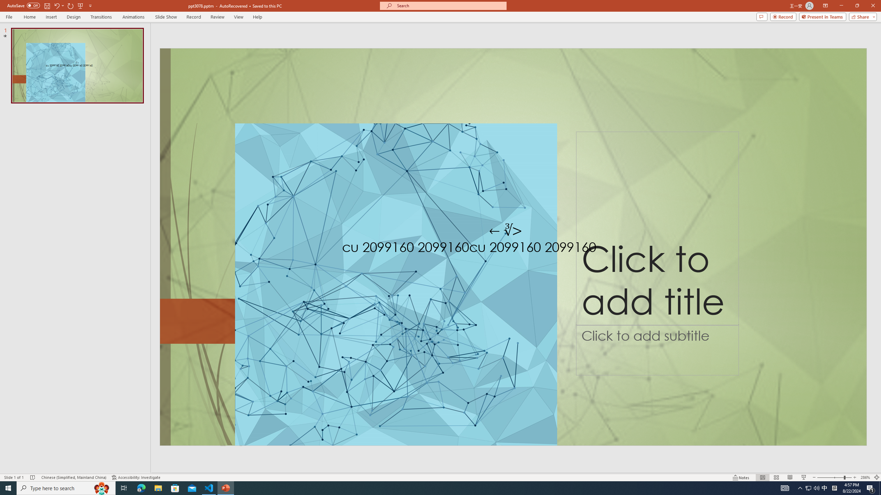 This screenshot has height=495, width=881. What do you see at coordinates (449, 5) in the screenshot?
I see `'Microsoft search'` at bounding box center [449, 5].